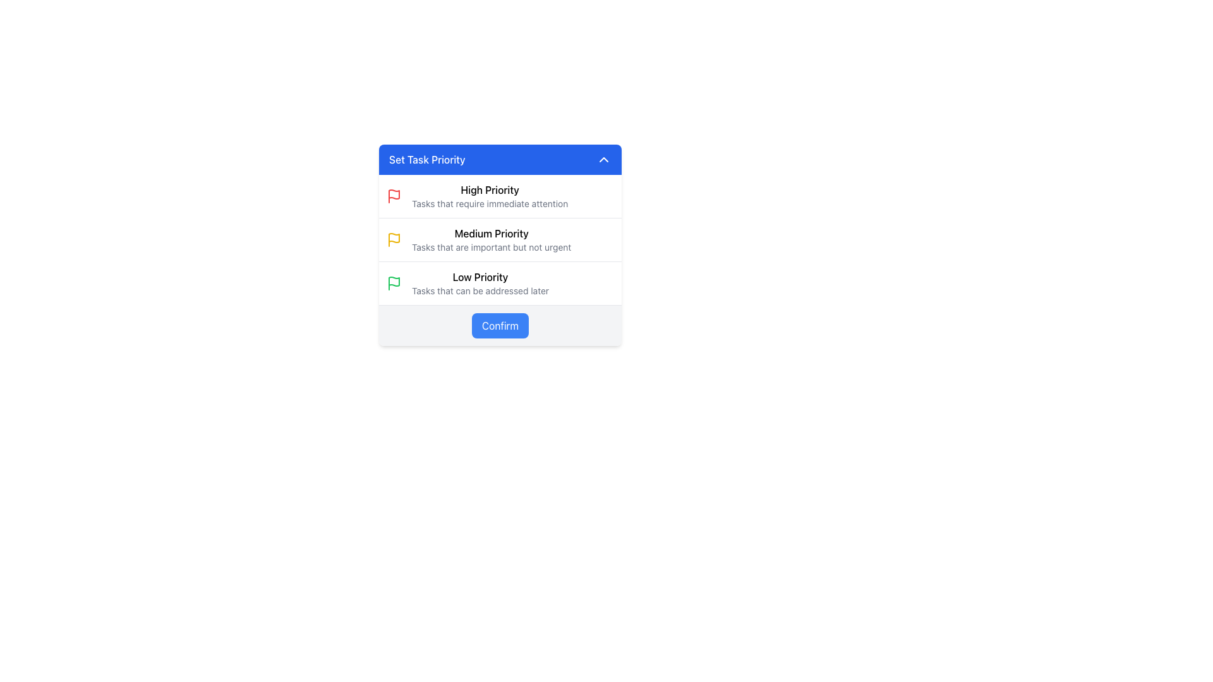  I want to click on the confirmation button located at the center of the modal dialog to change its background color, so click(500, 325).